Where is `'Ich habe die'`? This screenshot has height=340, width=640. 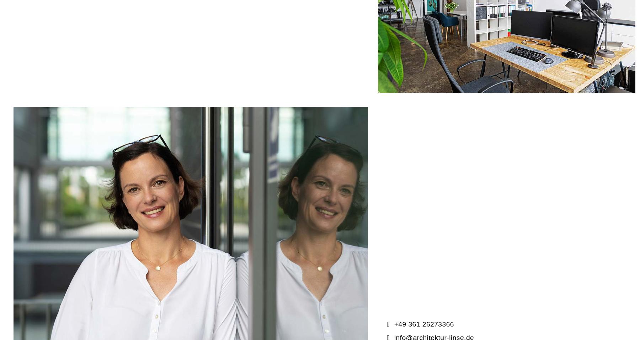
'Ich habe die' is located at coordinates (92, 246).